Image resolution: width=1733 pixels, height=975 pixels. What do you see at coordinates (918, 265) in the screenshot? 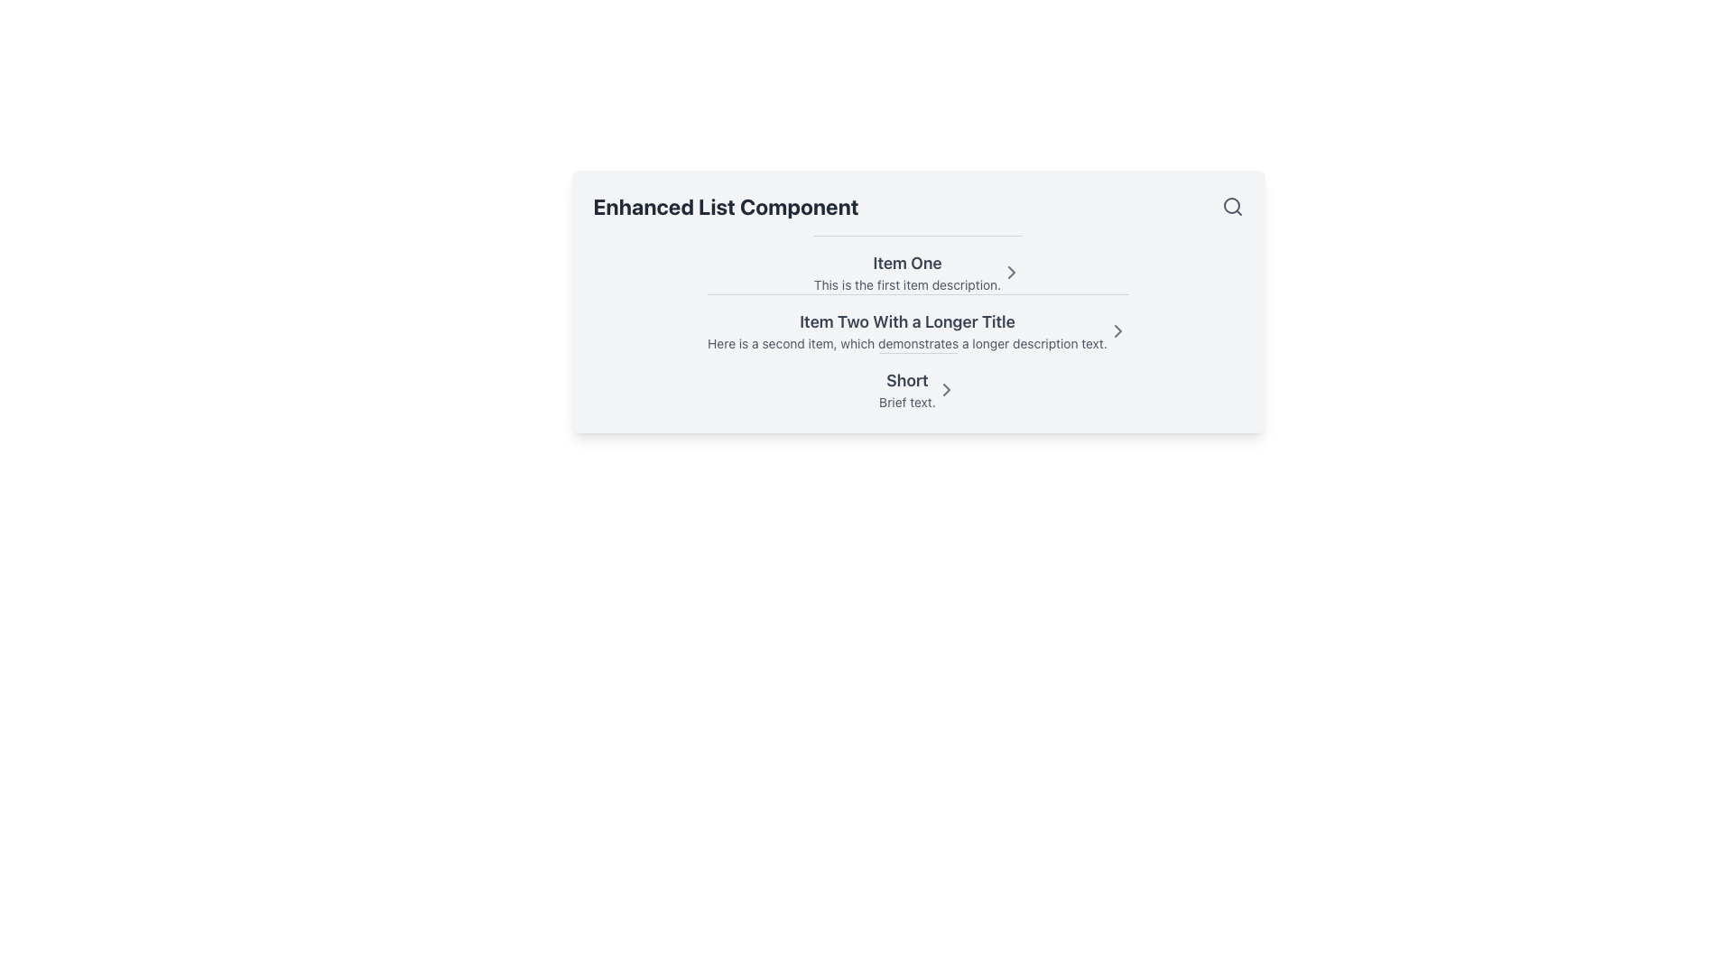
I see `the first item` at bounding box center [918, 265].